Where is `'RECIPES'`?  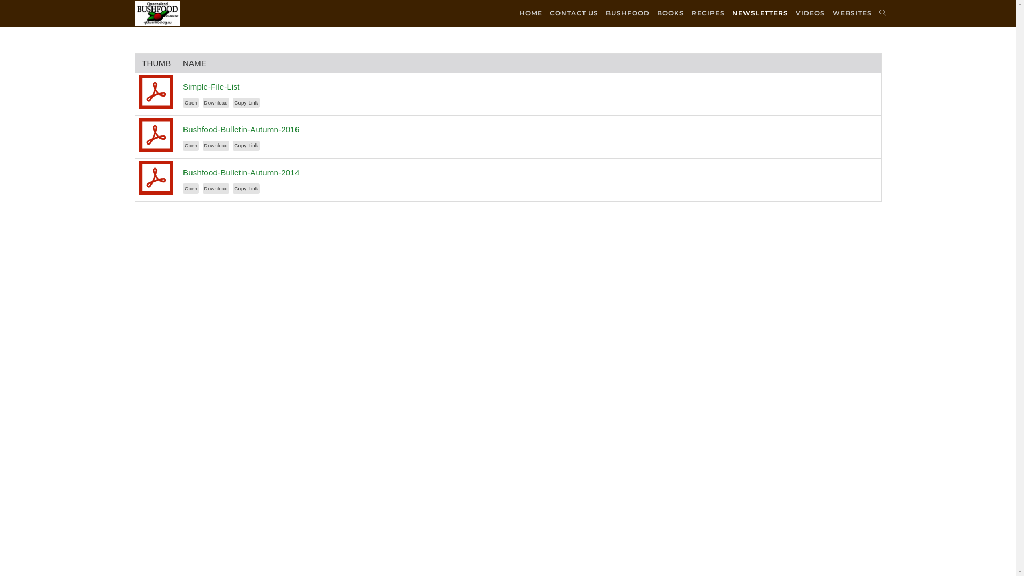 'RECIPES' is located at coordinates (708, 13).